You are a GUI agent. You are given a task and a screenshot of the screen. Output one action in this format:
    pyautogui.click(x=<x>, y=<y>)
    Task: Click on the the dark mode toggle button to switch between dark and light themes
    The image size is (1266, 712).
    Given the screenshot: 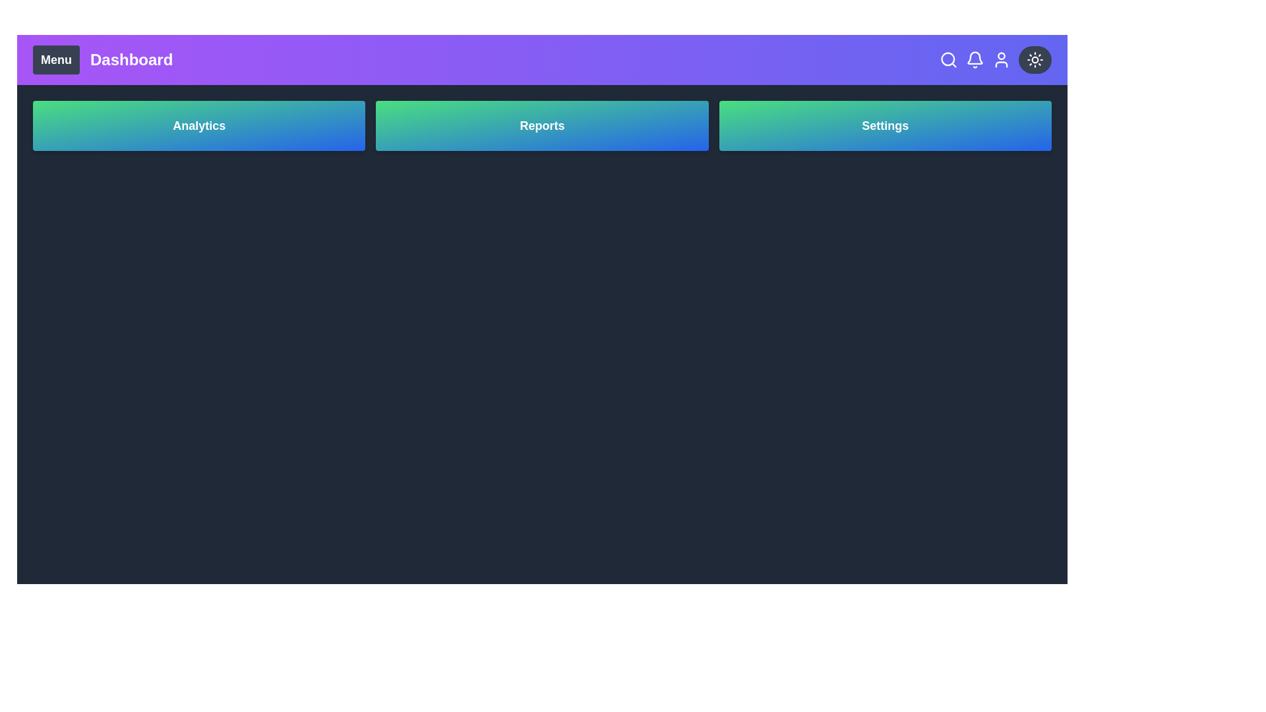 What is the action you would take?
    pyautogui.click(x=1034, y=60)
    